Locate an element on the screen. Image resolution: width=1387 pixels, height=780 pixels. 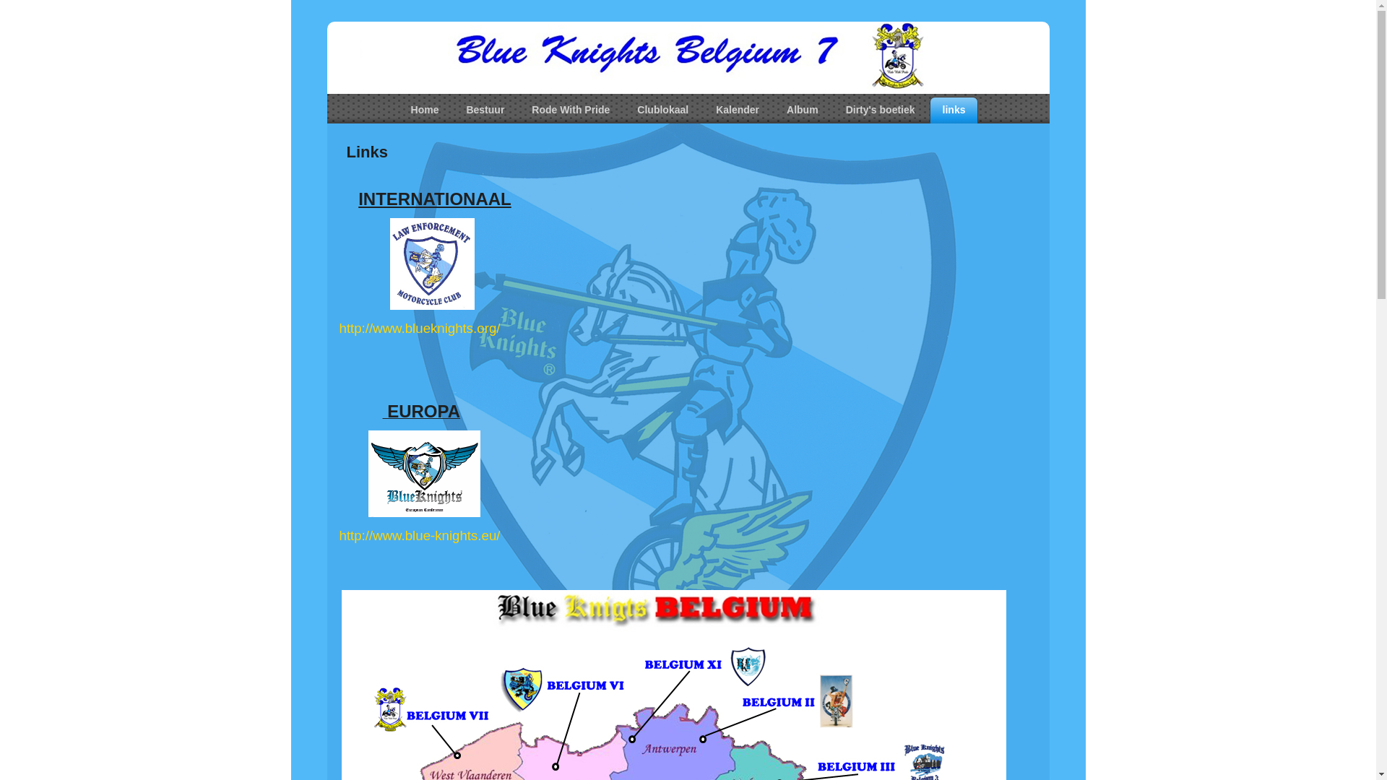
'Rode With Pride' is located at coordinates (570, 108).